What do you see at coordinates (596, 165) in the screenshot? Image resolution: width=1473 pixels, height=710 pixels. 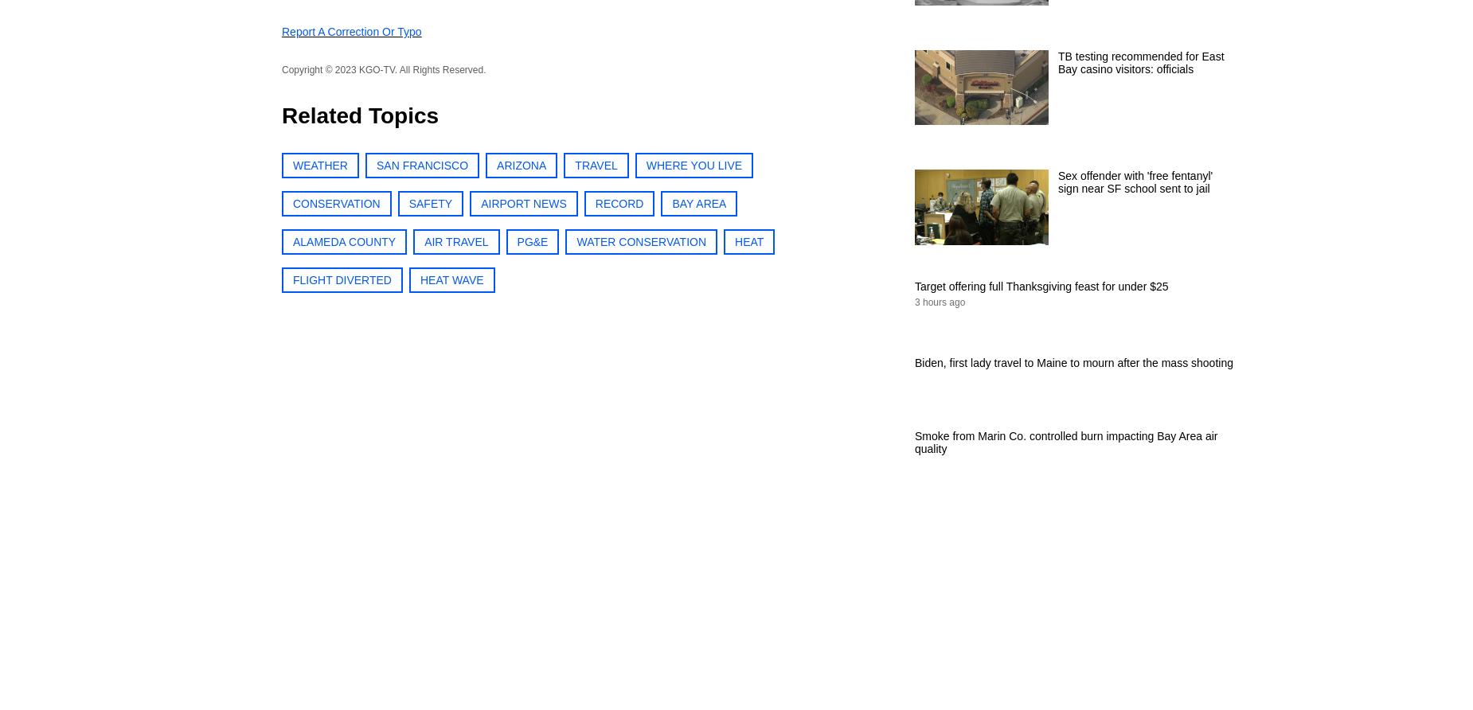 I see `'TRAVEL'` at bounding box center [596, 165].